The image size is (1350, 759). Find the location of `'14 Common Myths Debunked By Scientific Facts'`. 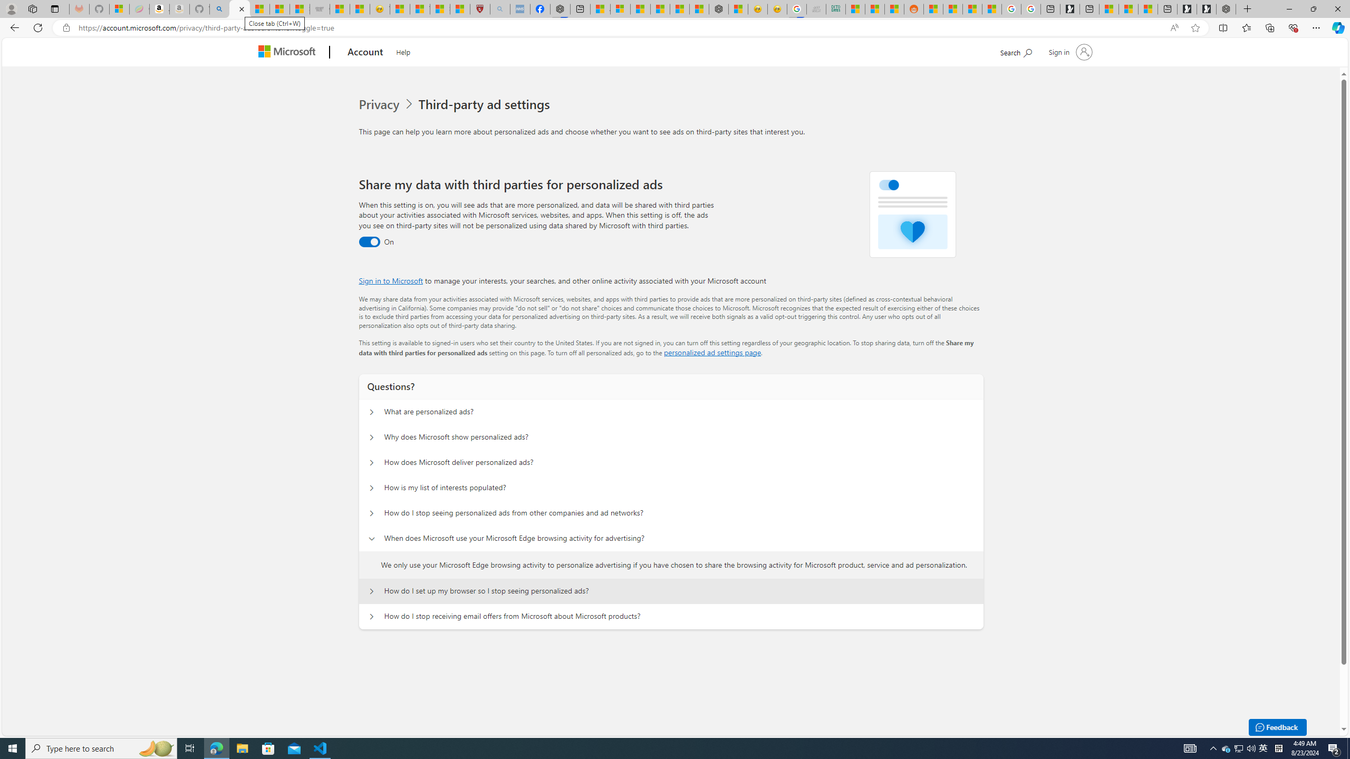

'14 Common Myths Debunked By Scientific Facts' is located at coordinates (679, 8).